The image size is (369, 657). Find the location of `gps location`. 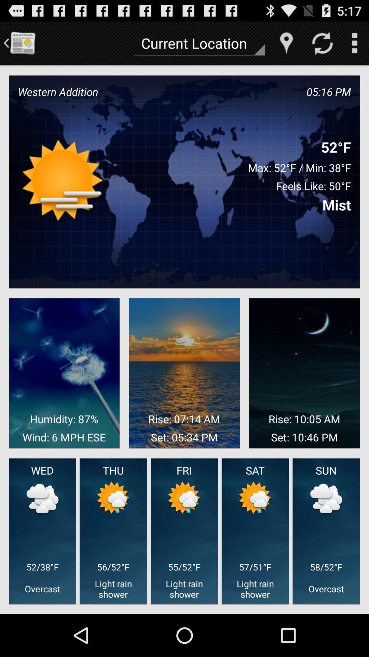

gps location is located at coordinates (286, 42).